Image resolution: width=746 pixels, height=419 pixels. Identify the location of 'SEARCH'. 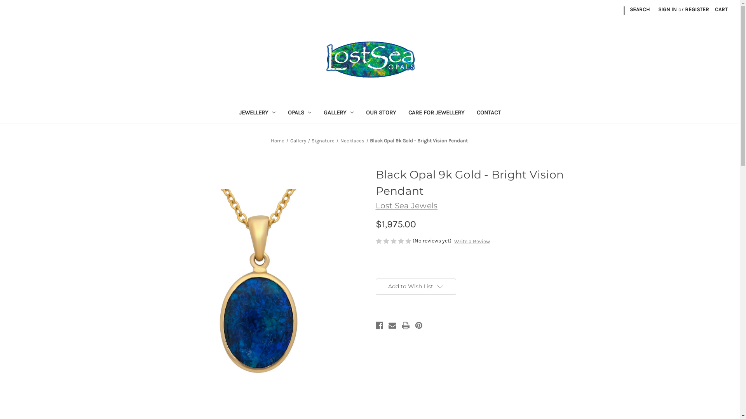
(640, 9).